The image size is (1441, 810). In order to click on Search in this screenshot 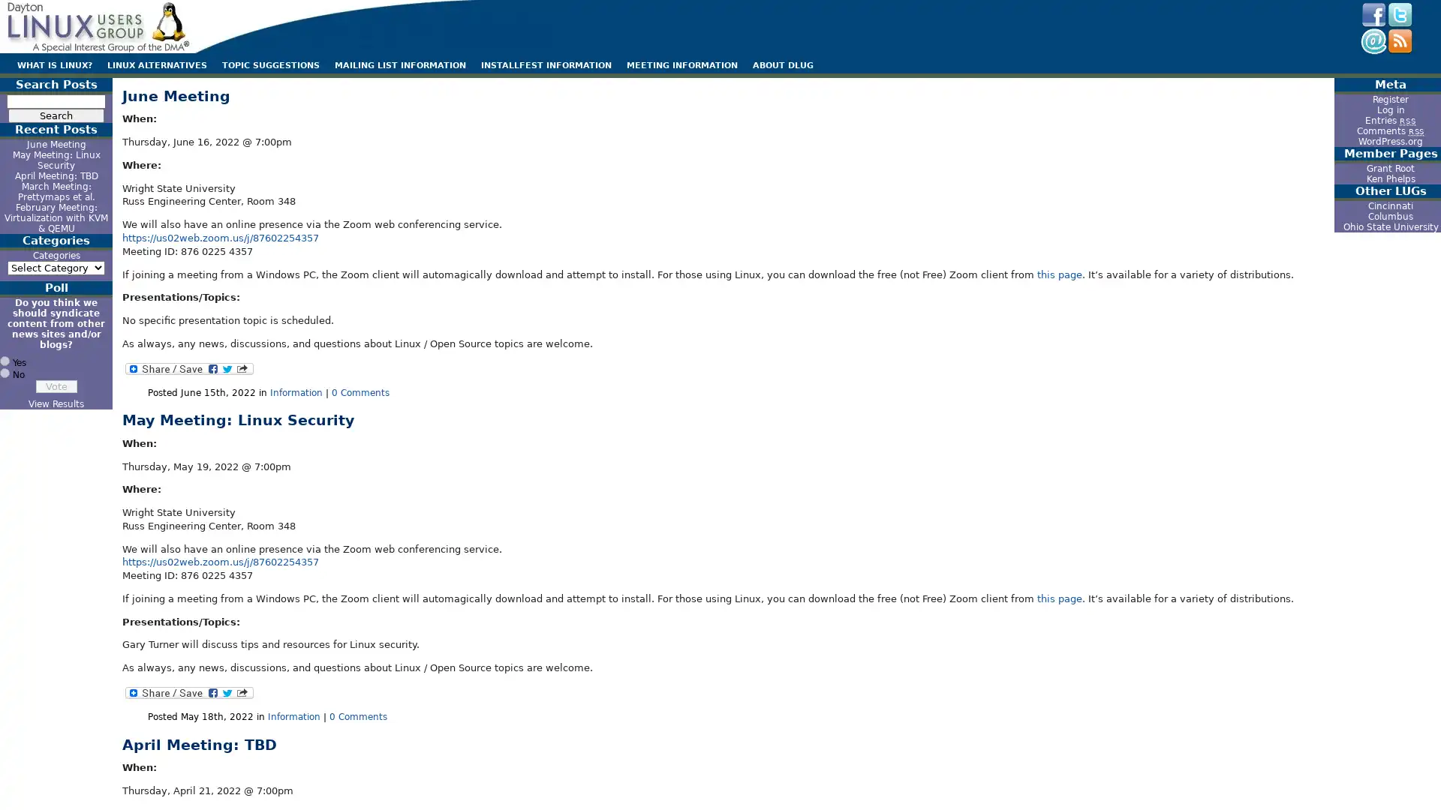, I will do `click(56, 115)`.